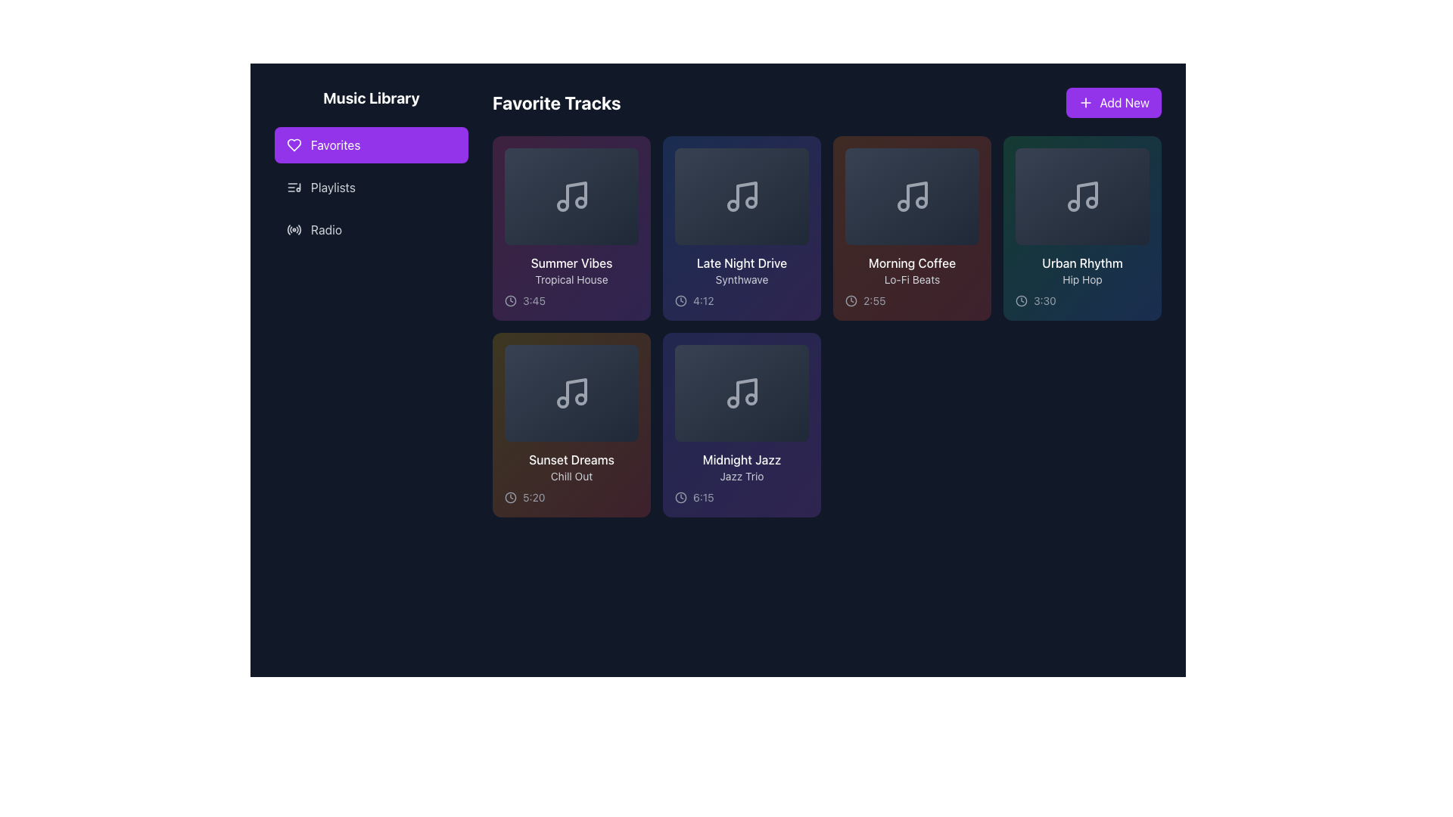  I want to click on the circular SVG element that is part of the minimalistic clock icon design located in the card titled 'Morning Coffee', so click(851, 300).